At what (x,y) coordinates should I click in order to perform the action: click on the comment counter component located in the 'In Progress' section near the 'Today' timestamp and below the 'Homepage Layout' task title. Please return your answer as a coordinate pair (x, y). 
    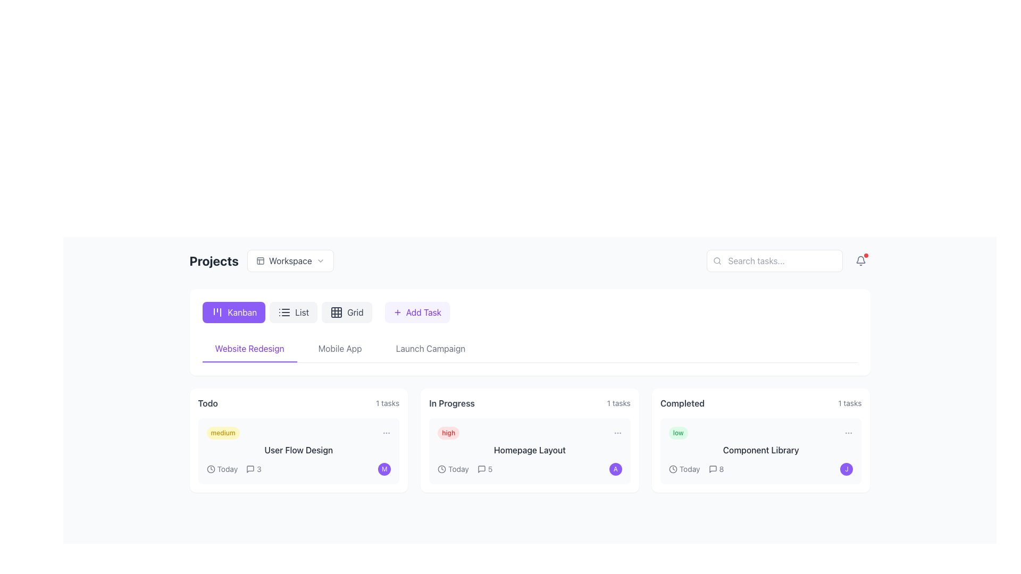
    Looking at the image, I should click on (484, 469).